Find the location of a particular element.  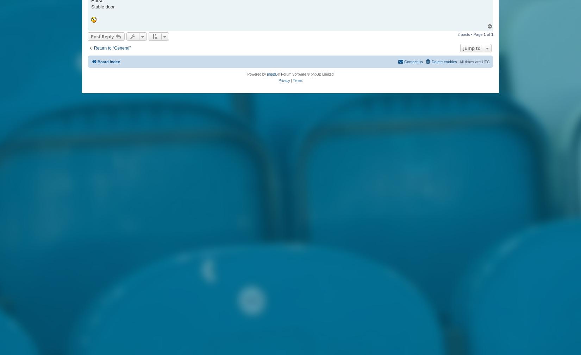

'Contact us' is located at coordinates (413, 62).